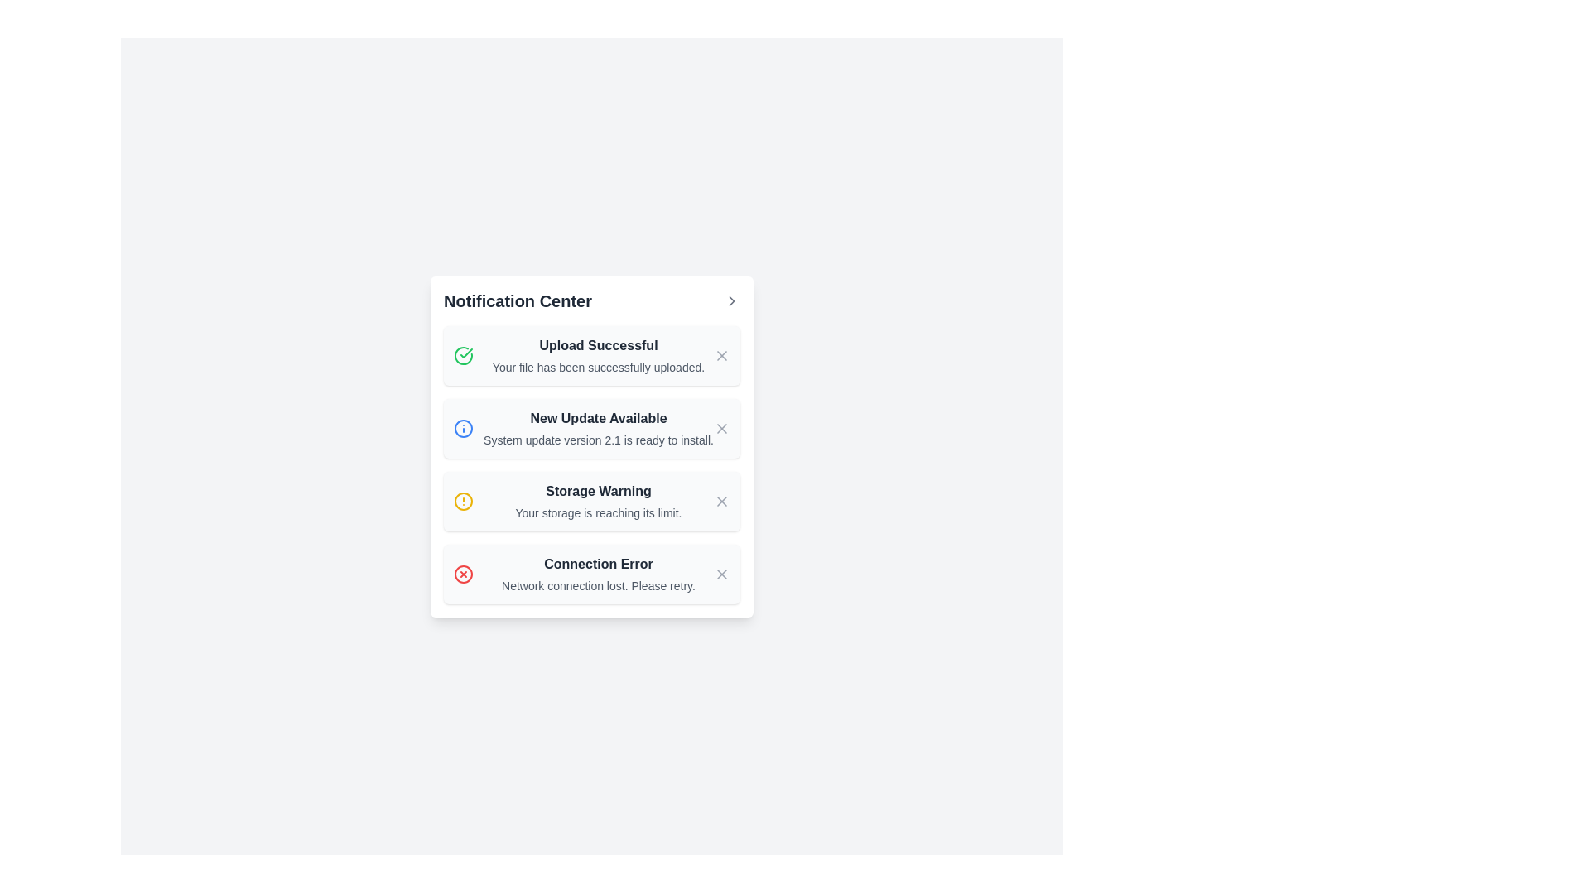 The height and width of the screenshot is (894, 1590). I want to click on details of the system update notification card located in the Notification Center, which is the second card in the vertical list, so click(592, 427).